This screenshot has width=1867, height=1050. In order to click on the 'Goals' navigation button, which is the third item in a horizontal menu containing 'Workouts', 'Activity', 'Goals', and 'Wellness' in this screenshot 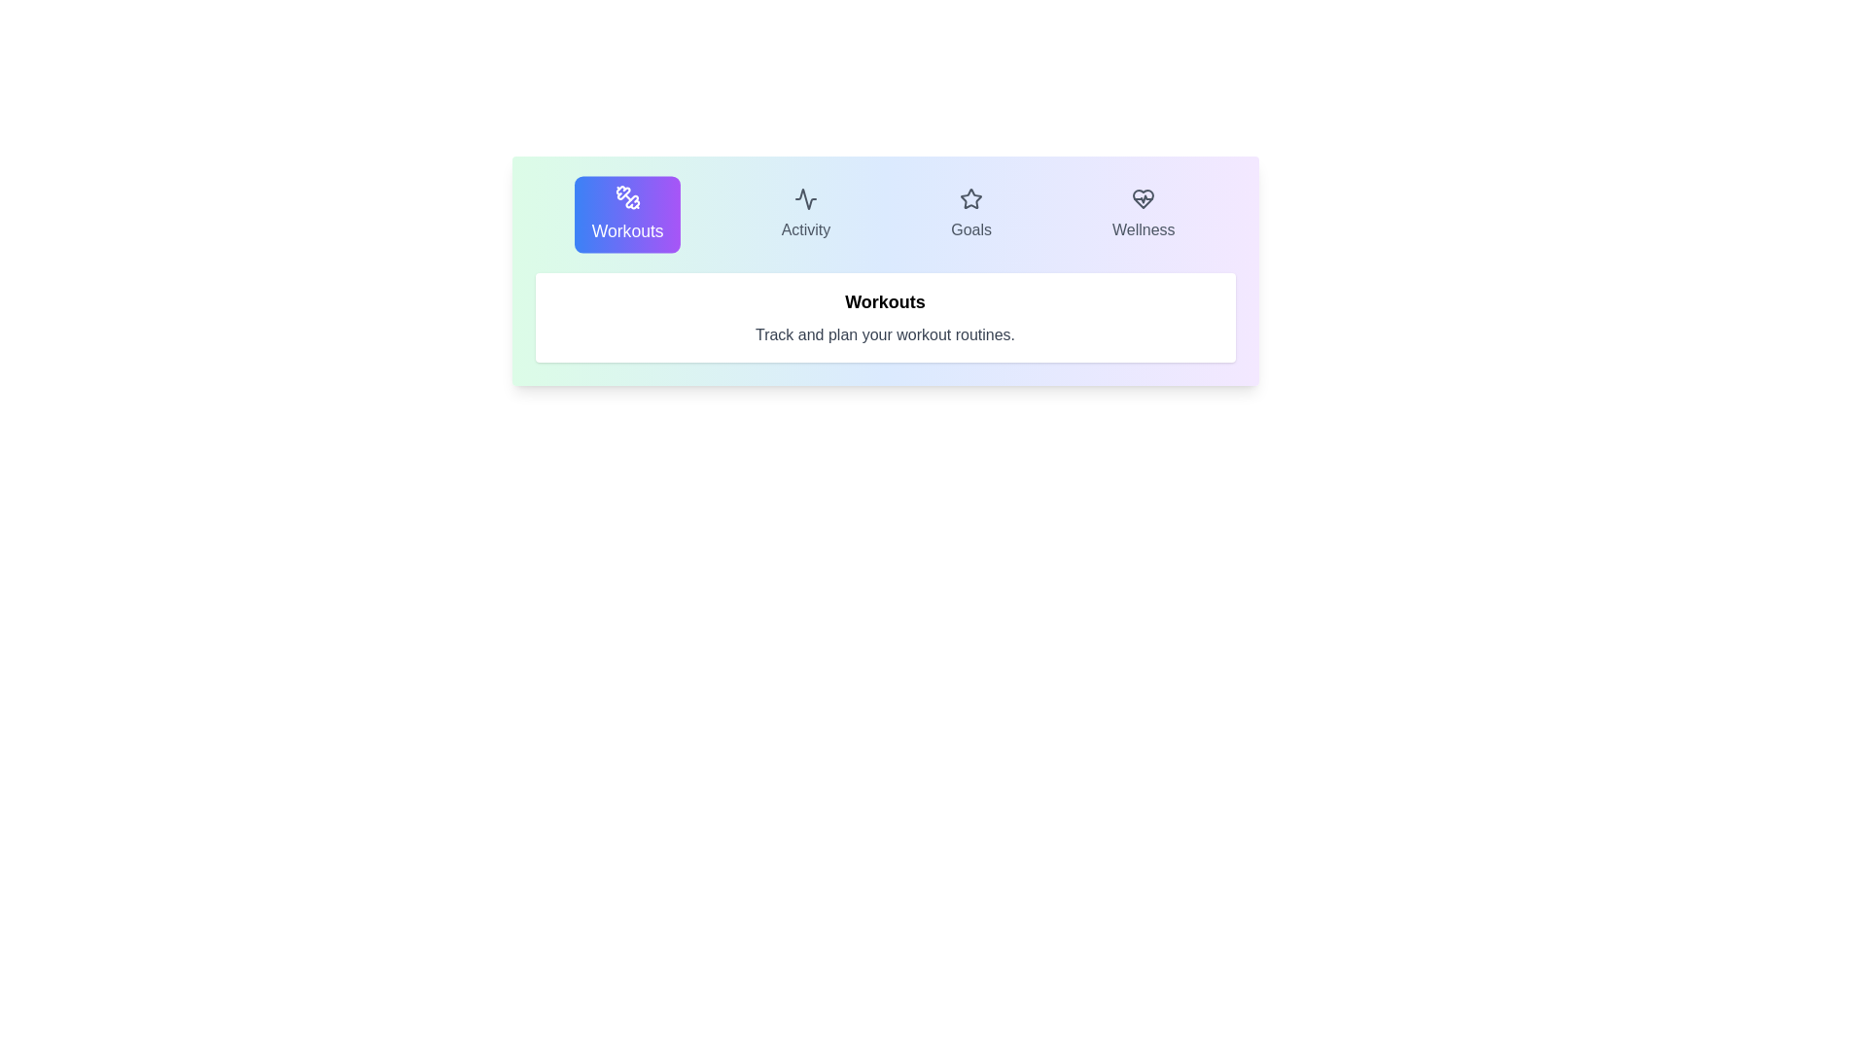, I will do `click(970, 214)`.